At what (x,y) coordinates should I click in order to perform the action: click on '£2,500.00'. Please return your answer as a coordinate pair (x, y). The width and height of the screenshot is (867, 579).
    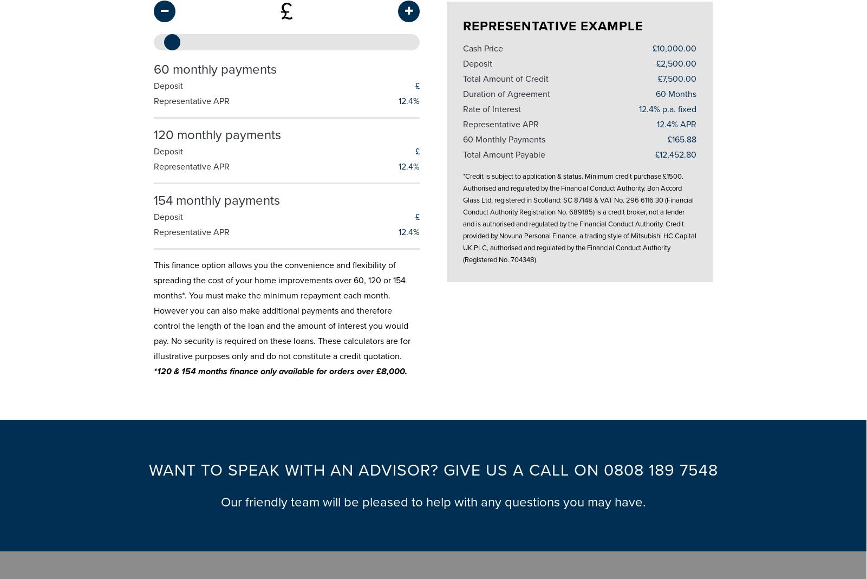
    Looking at the image, I should click on (676, 59).